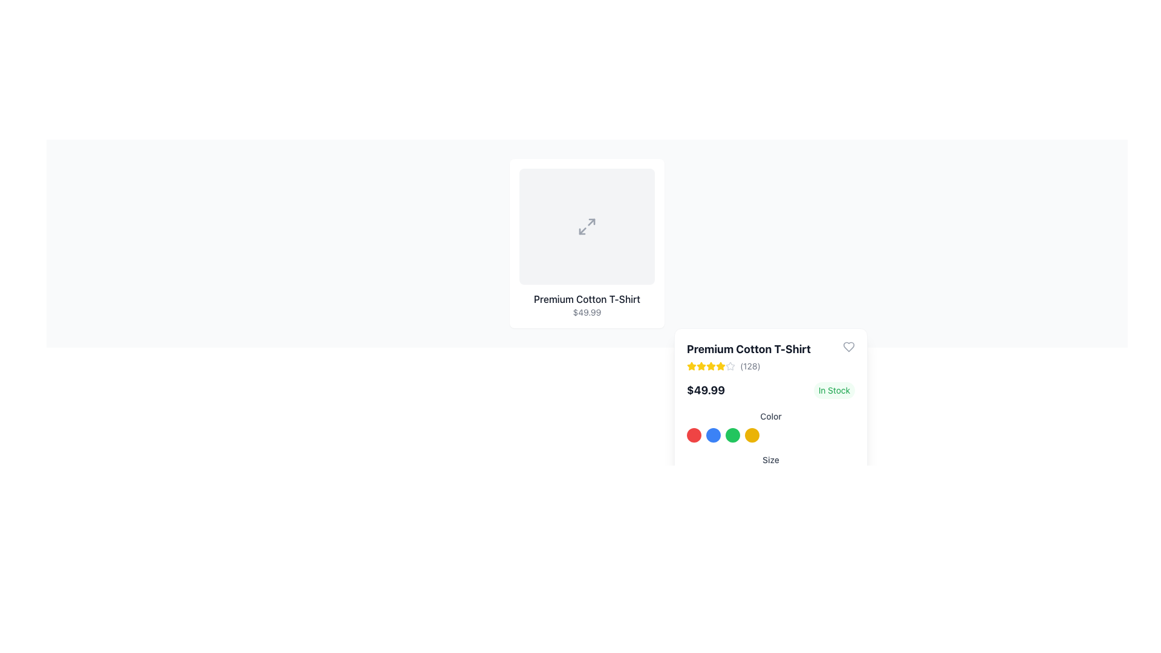 The height and width of the screenshot is (653, 1161). Describe the element at coordinates (751, 435) in the screenshot. I see `the fourth color selection button in the horizontal array` at that location.